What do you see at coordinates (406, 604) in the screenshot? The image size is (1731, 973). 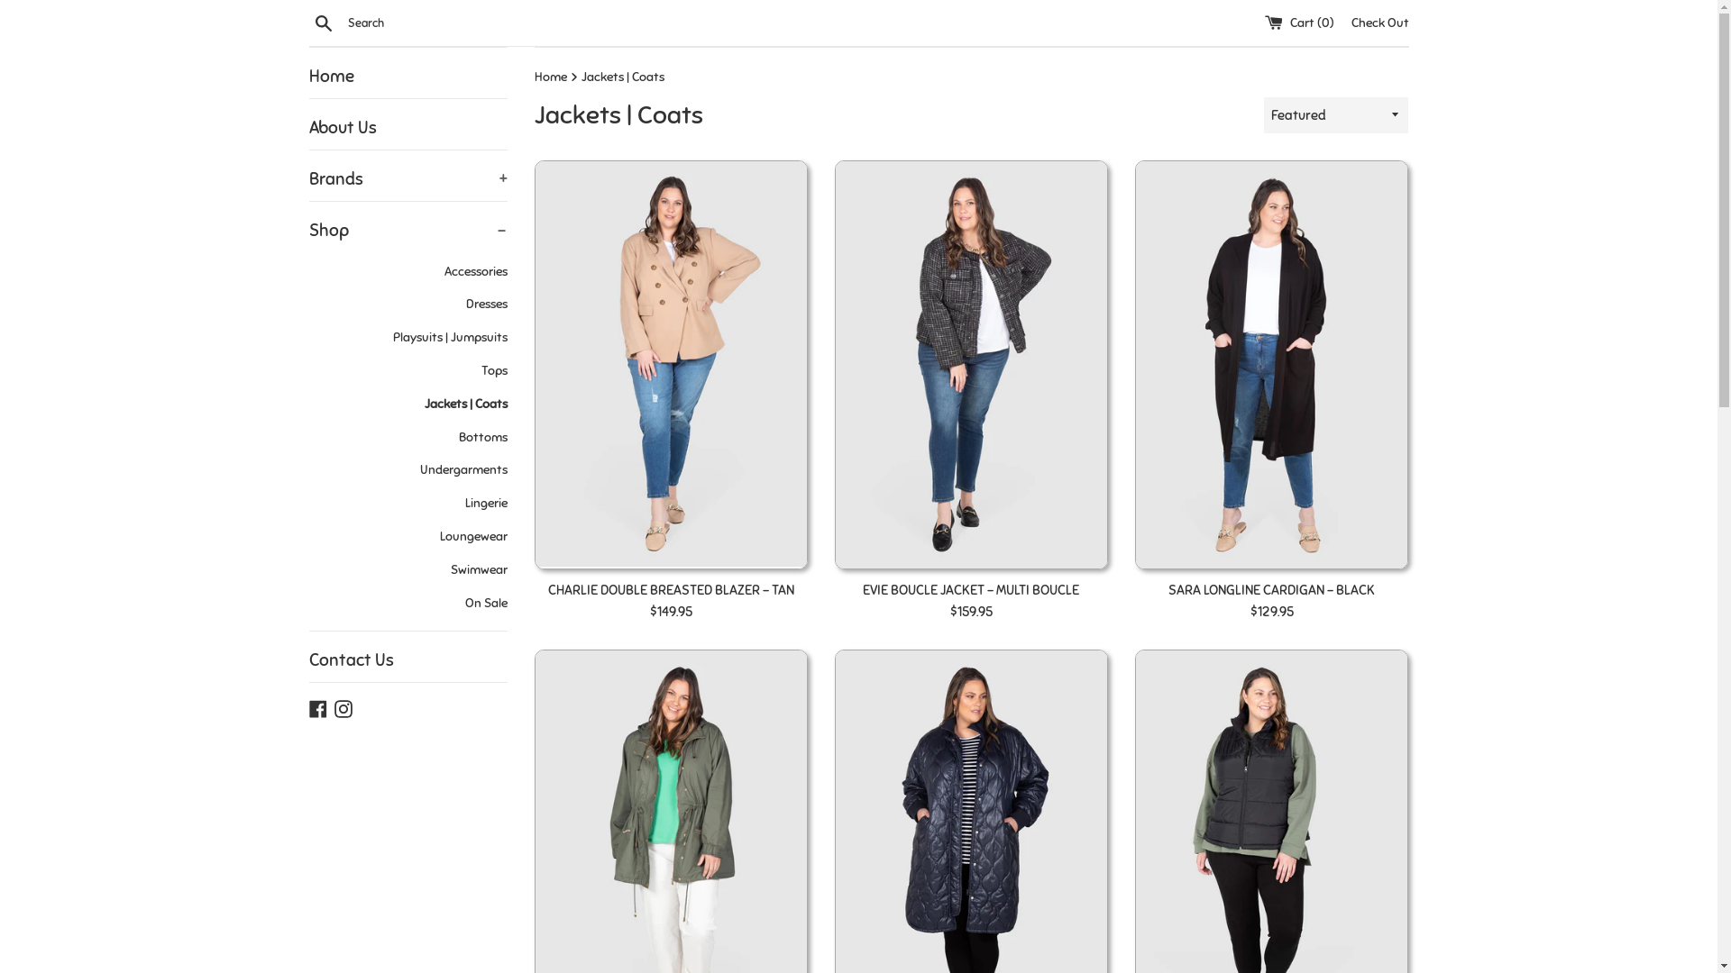 I see `'On Sale'` at bounding box center [406, 604].